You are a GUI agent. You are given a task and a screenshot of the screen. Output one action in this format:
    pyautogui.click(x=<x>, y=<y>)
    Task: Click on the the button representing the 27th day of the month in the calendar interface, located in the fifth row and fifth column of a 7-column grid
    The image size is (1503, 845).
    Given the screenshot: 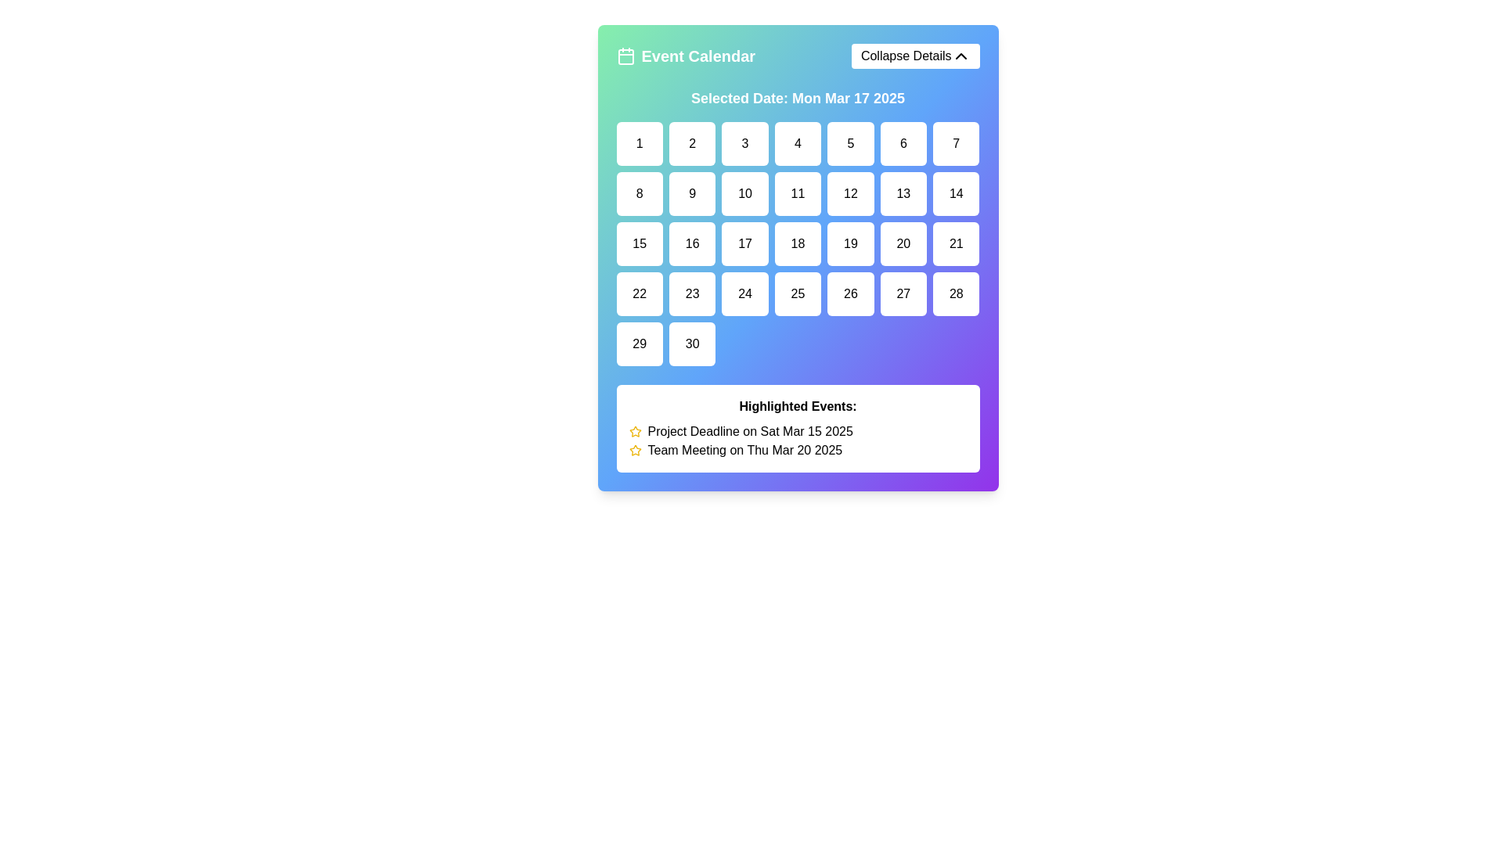 What is the action you would take?
    pyautogui.click(x=903, y=293)
    